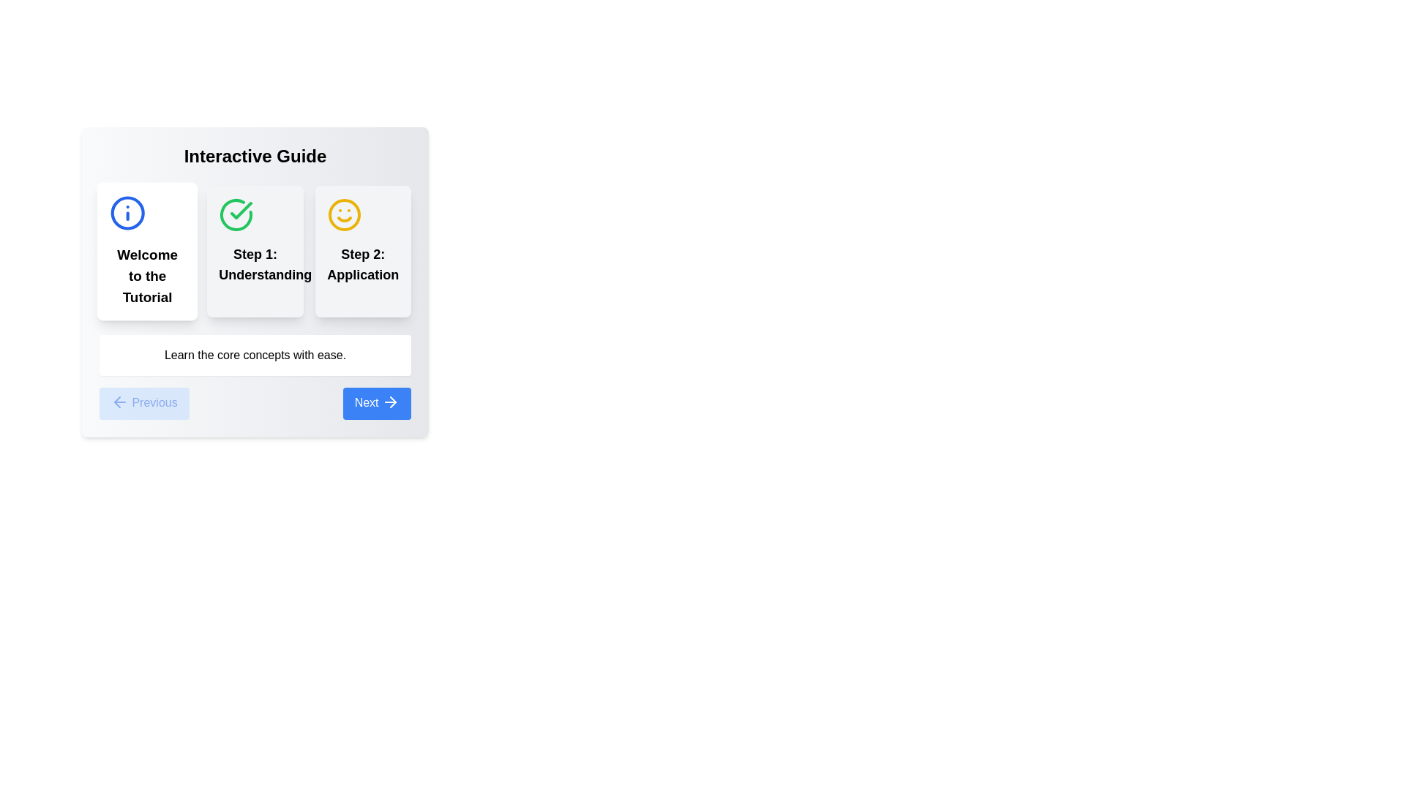 The height and width of the screenshot is (790, 1405). What do you see at coordinates (363, 250) in the screenshot?
I see `the step card labeled 'Step 2: Application'` at bounding box center [363, 250].